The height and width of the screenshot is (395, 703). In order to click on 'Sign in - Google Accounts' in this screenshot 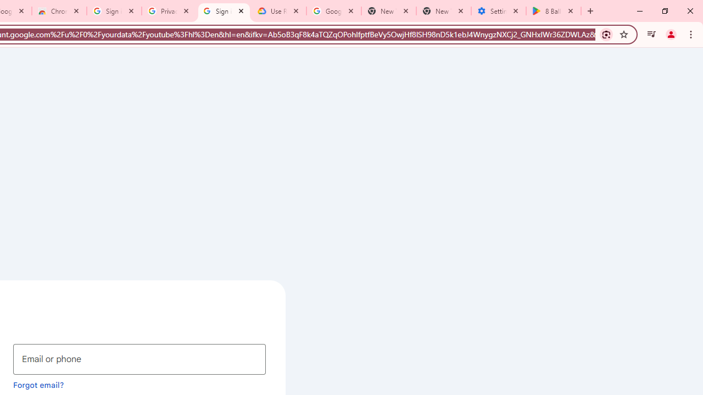, I will do `click(114, 11)`.